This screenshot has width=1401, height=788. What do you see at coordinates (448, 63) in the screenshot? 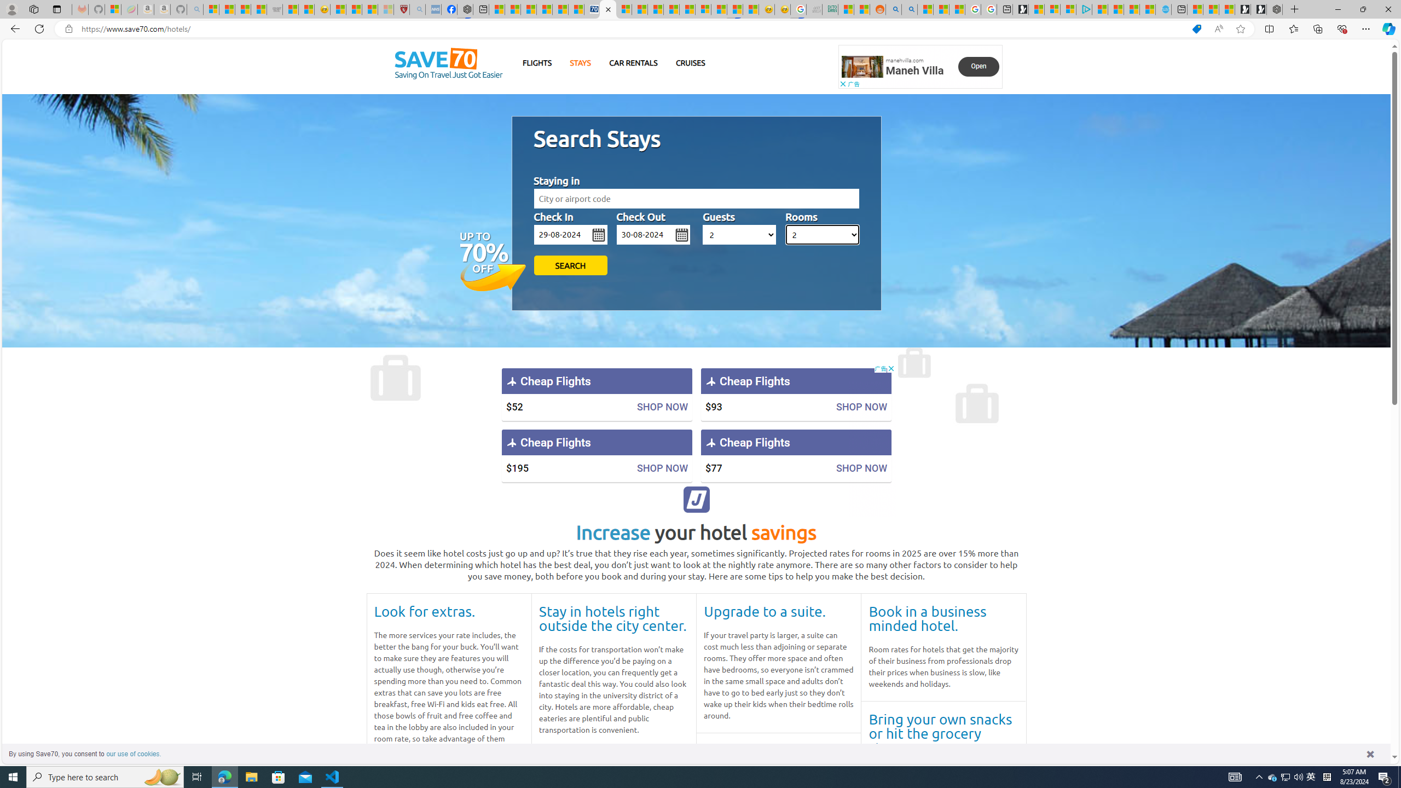
I see `'Homepage'` at bounding box center [448, 63].